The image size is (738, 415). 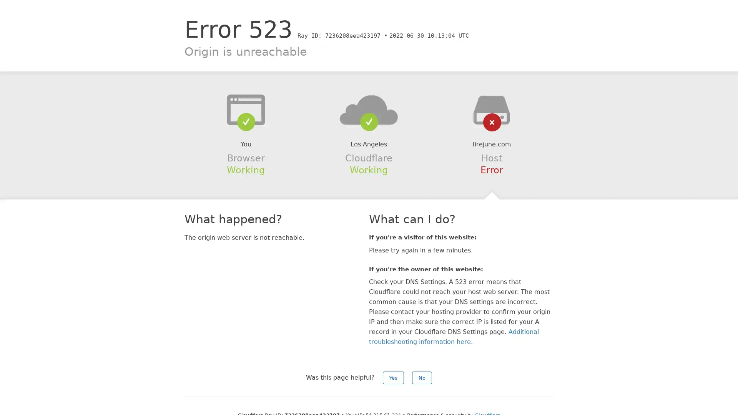 I want to click on Yes, so click(x=393, y=377).